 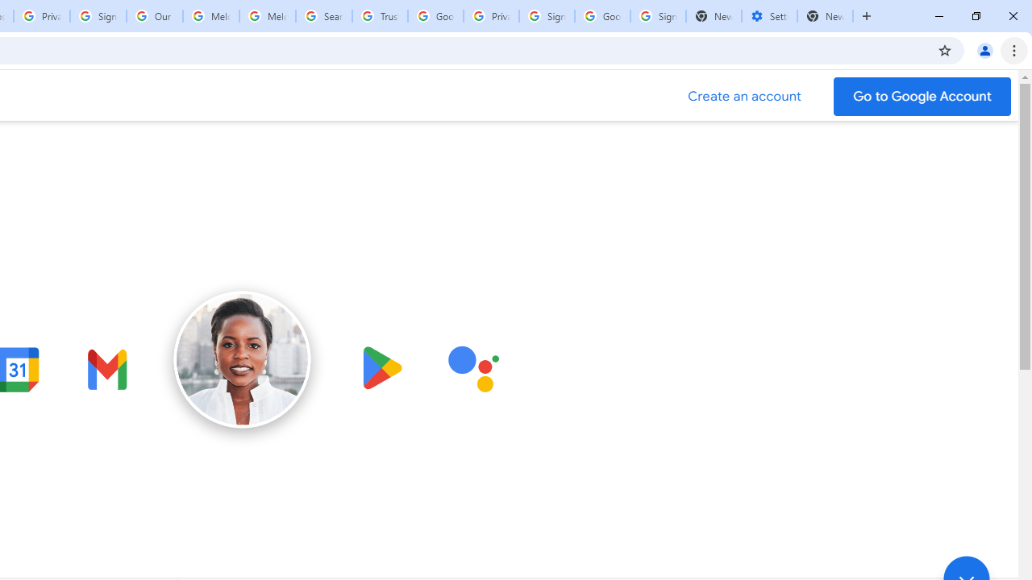 What do you see at coordinates (826, 16) in the screenshot?
I see `'New Tab'` at bounding box center [826, 16].